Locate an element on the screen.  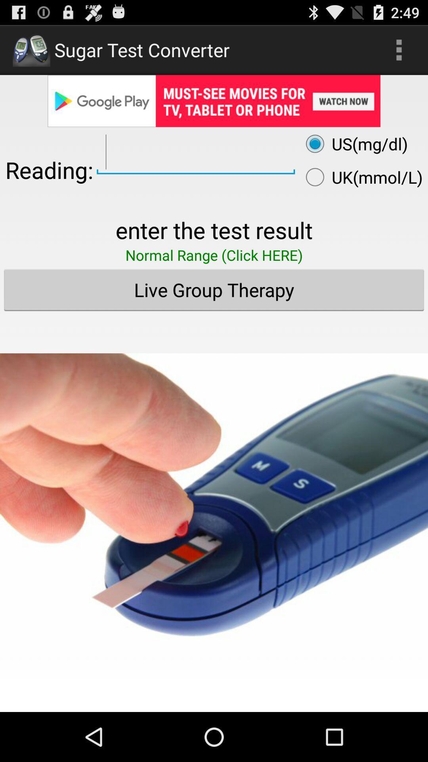
google play advertisement is located at coordinates (214, 100).